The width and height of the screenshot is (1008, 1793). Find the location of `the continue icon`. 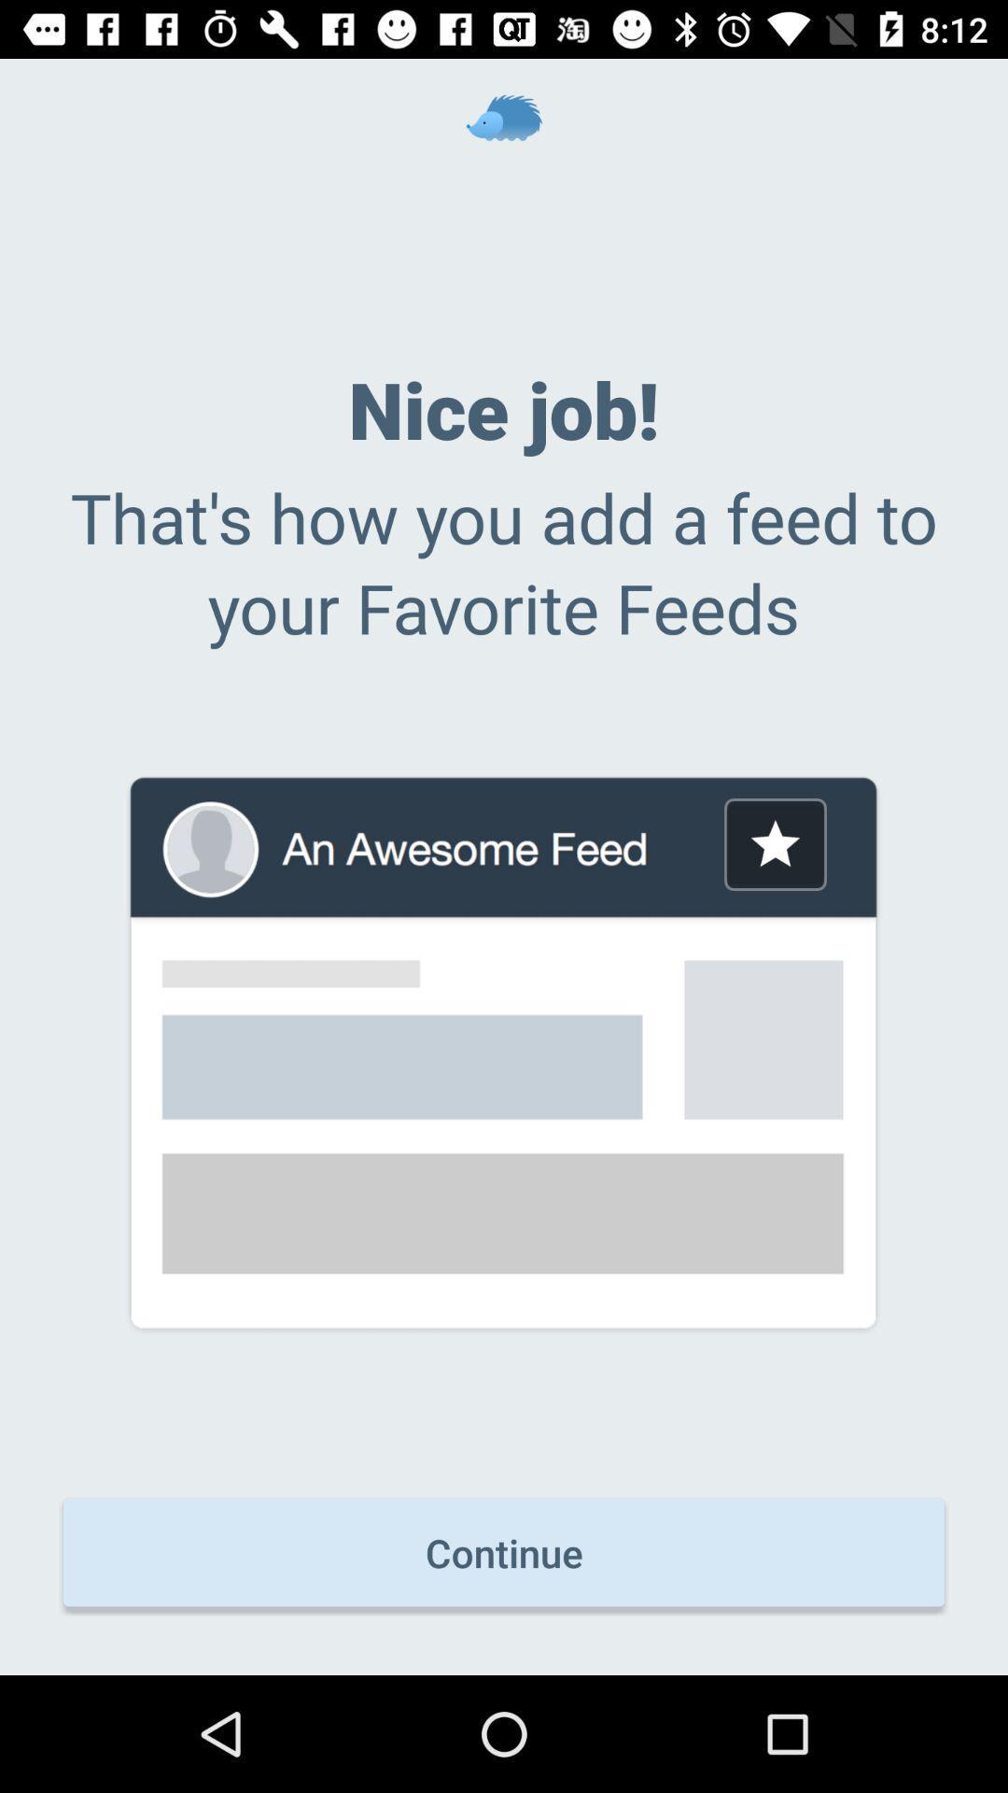

the continue icon is located at coordinates (504, 1552).